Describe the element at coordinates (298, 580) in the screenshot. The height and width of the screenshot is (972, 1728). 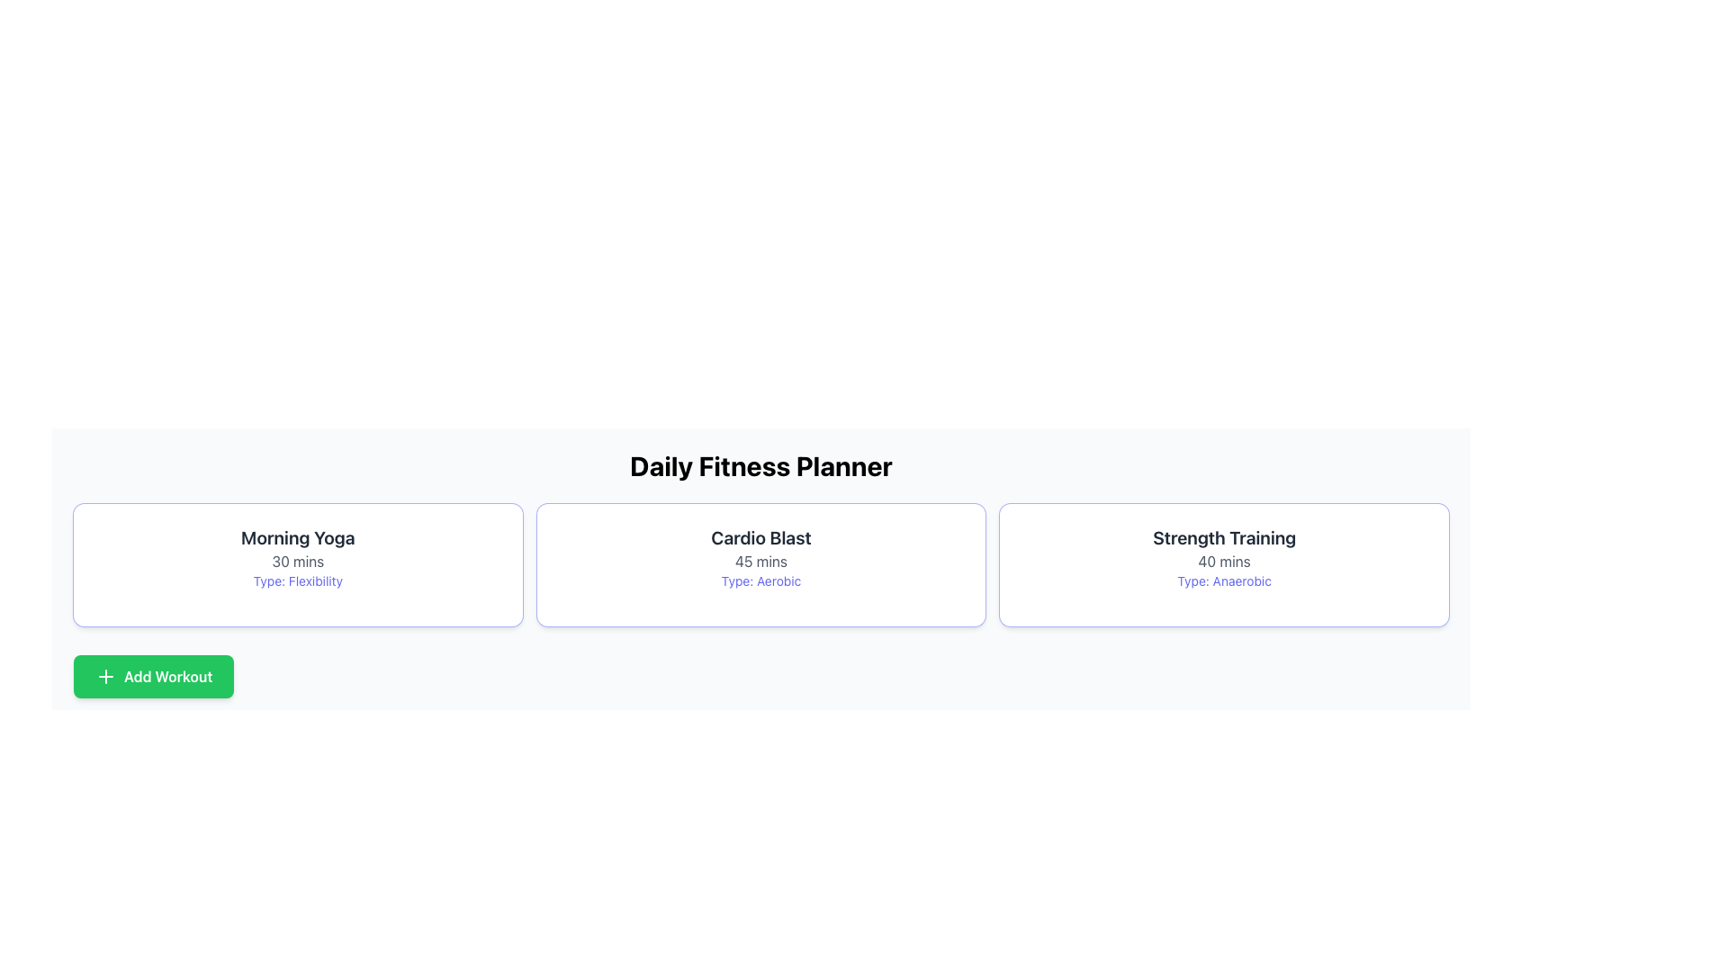
I see `information displayed in the text label that shows 'Type: Flexibility' at the bottom of the 'Morning Yoga' card` at that location.